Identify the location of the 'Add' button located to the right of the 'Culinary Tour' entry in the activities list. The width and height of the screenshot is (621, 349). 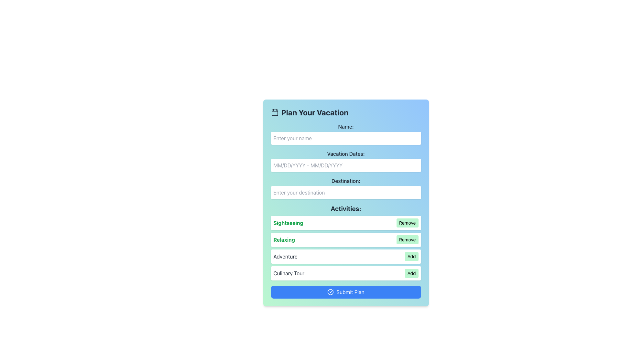
(411, 273).